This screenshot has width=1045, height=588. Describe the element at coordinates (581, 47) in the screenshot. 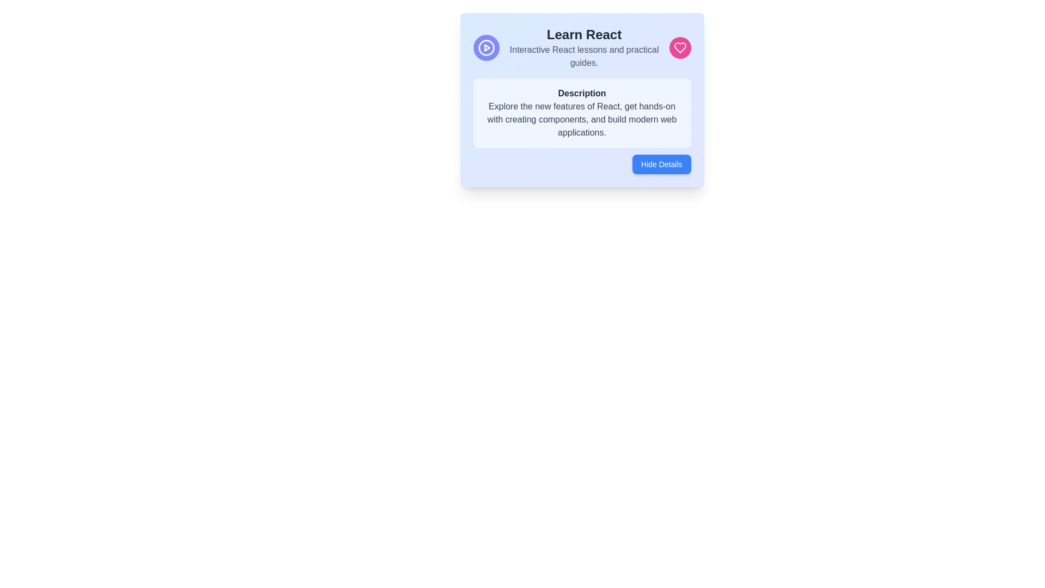

I see `the Text Display Block that features the bold header 'Learn React' and the smaller text 'Interactive React lessons and practical guides.'` at that location.